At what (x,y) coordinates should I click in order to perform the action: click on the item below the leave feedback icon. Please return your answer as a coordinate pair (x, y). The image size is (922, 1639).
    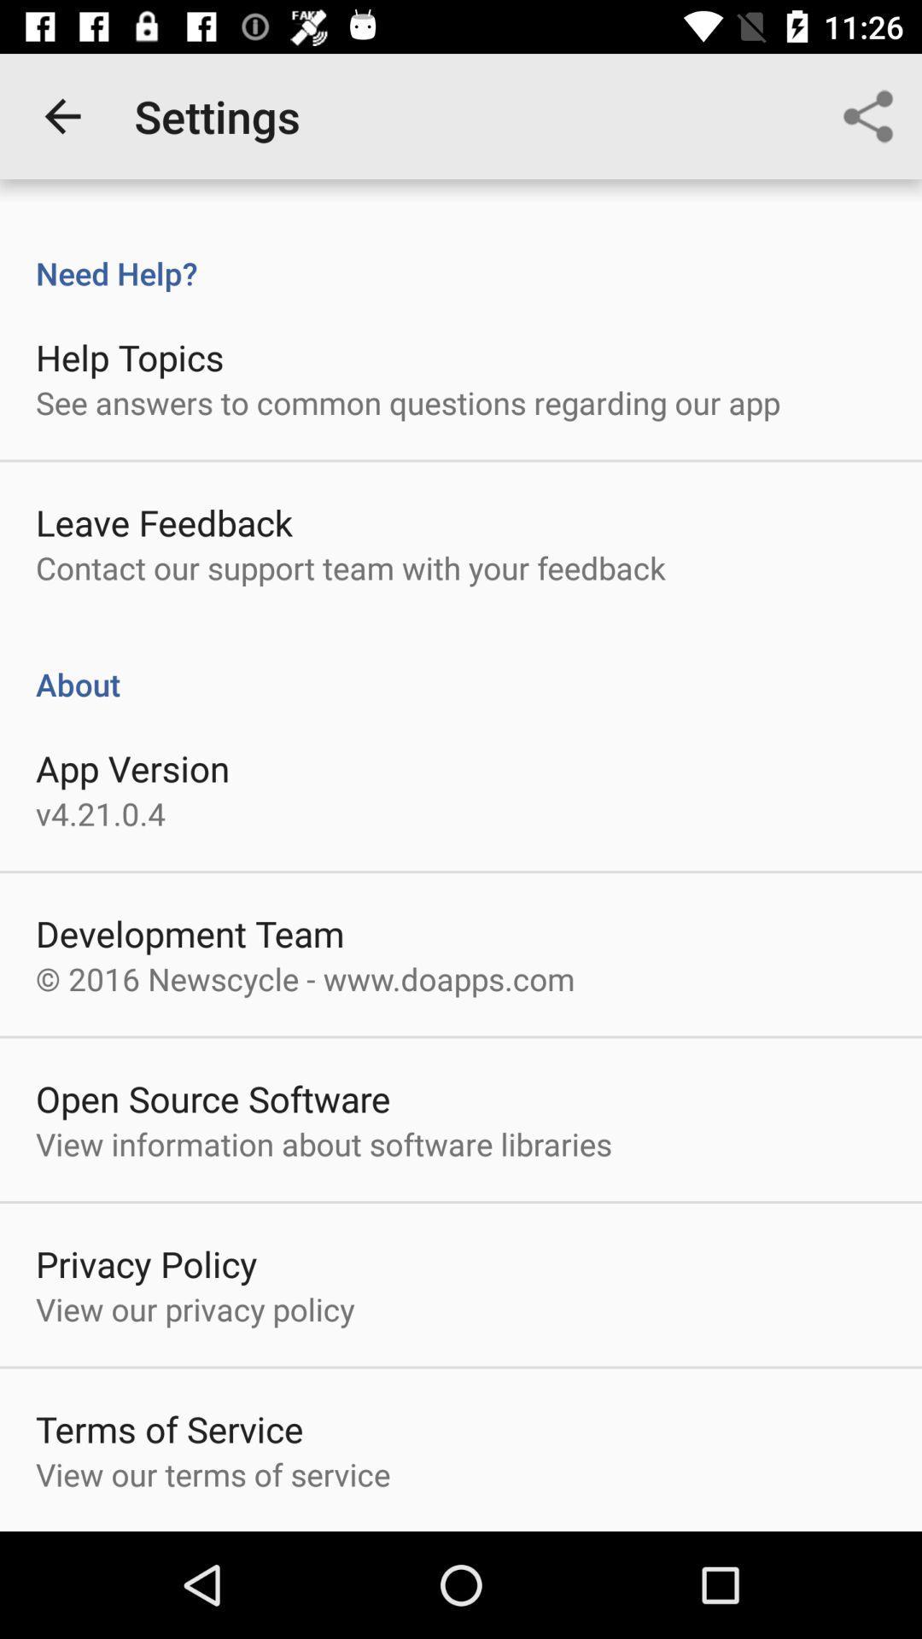
    Looking at the image, I should click on (350, 568).